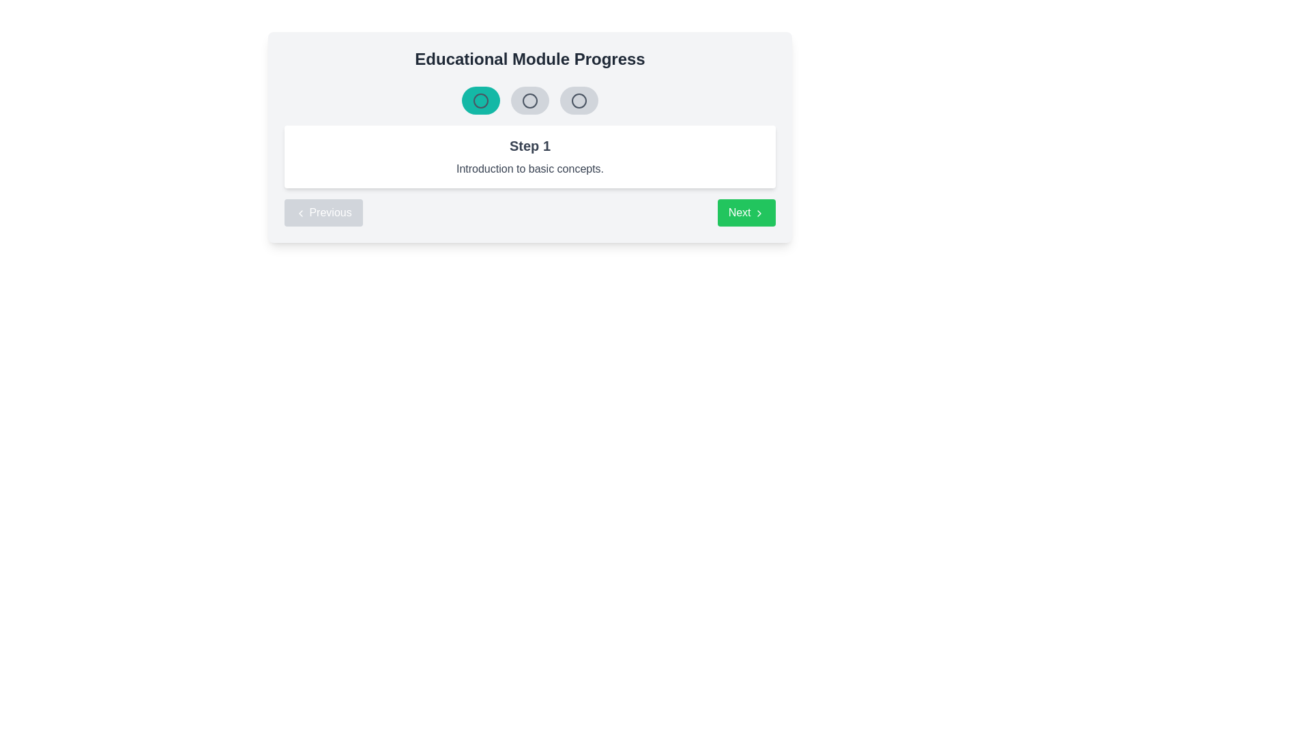 The width and height of the screenshot is (1310, 737). I want to click on the Informational Box which indicates the current educational step (Step 1) and describes it as 'Introduction to basic concepts', so click(529, 155).